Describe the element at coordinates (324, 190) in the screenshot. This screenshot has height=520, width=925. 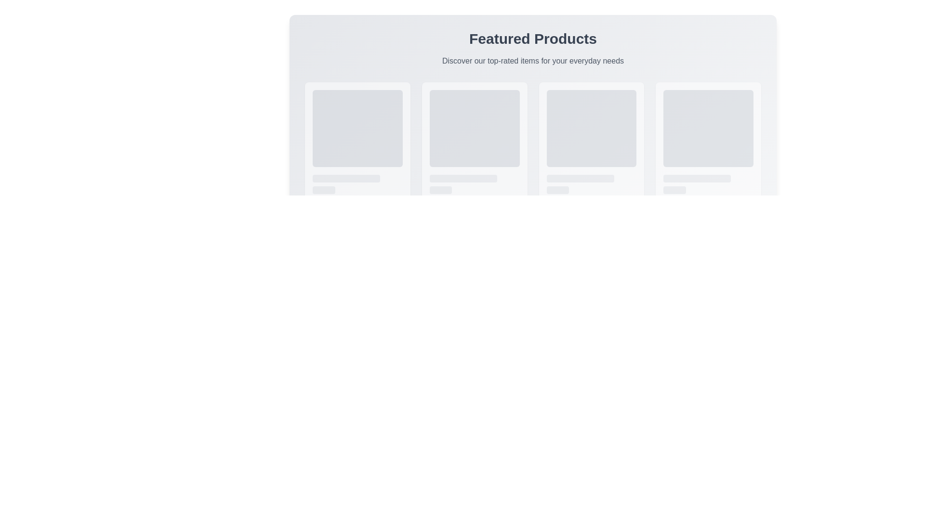
I see `the visual placeholder or separator bar located beneath the wider sibling bar in the 'Featured Products' section` at that location.